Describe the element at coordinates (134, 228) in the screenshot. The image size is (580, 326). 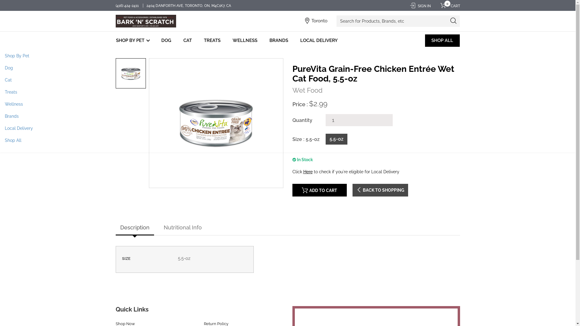
I see `'Description'` at that location.